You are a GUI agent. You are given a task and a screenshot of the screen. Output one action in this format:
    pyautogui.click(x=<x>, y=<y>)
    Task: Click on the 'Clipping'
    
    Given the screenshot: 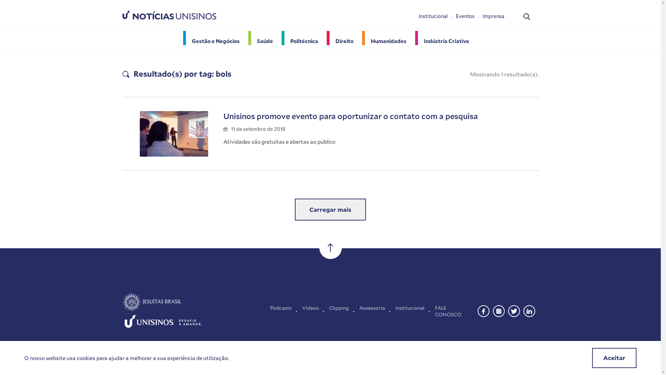 What is the action you would take?
    pyautogui.click(x=339, y=311)
    